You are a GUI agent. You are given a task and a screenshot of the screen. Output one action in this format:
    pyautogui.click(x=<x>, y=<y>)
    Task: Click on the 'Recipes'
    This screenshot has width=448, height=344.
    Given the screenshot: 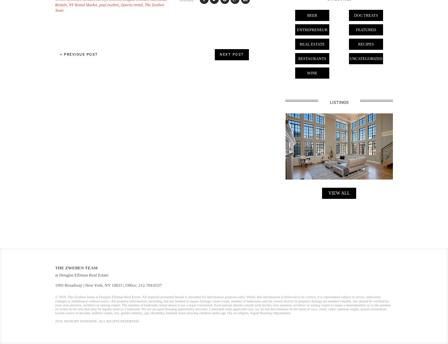 What is the action you would take?
    pyautogui.click(x=365, y=44)
    